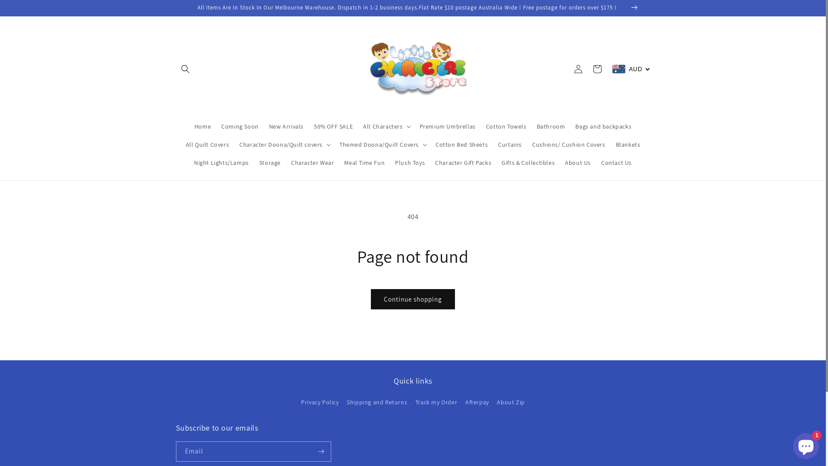  I want to click on 'All Quilt Covers', so click(180, 144).